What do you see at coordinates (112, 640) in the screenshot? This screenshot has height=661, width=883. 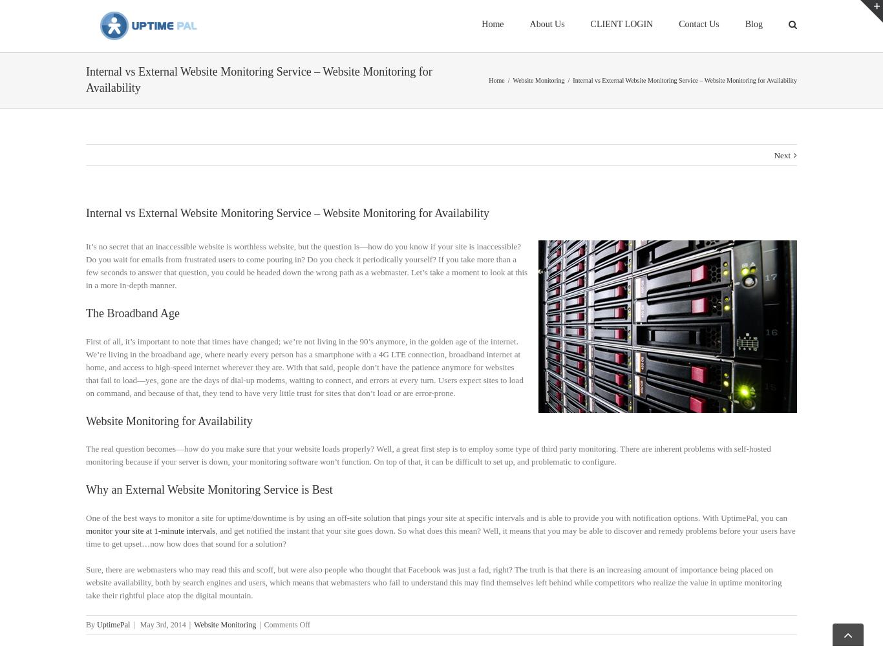 I see `'UptimePal'` at bounding box center [112, 640].